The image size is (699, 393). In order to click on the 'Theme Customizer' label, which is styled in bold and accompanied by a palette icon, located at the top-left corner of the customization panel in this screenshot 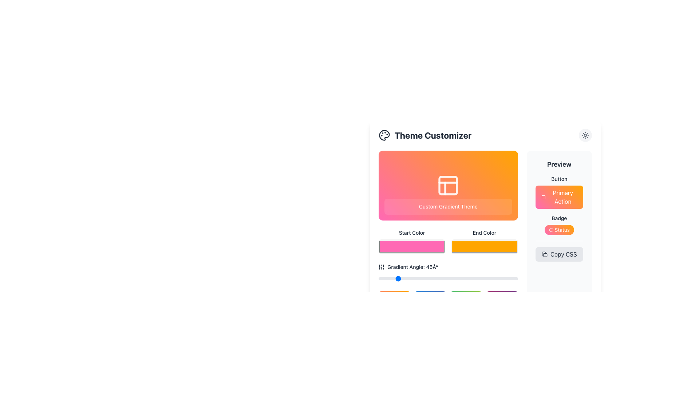, I will do `click(425, 135)`.